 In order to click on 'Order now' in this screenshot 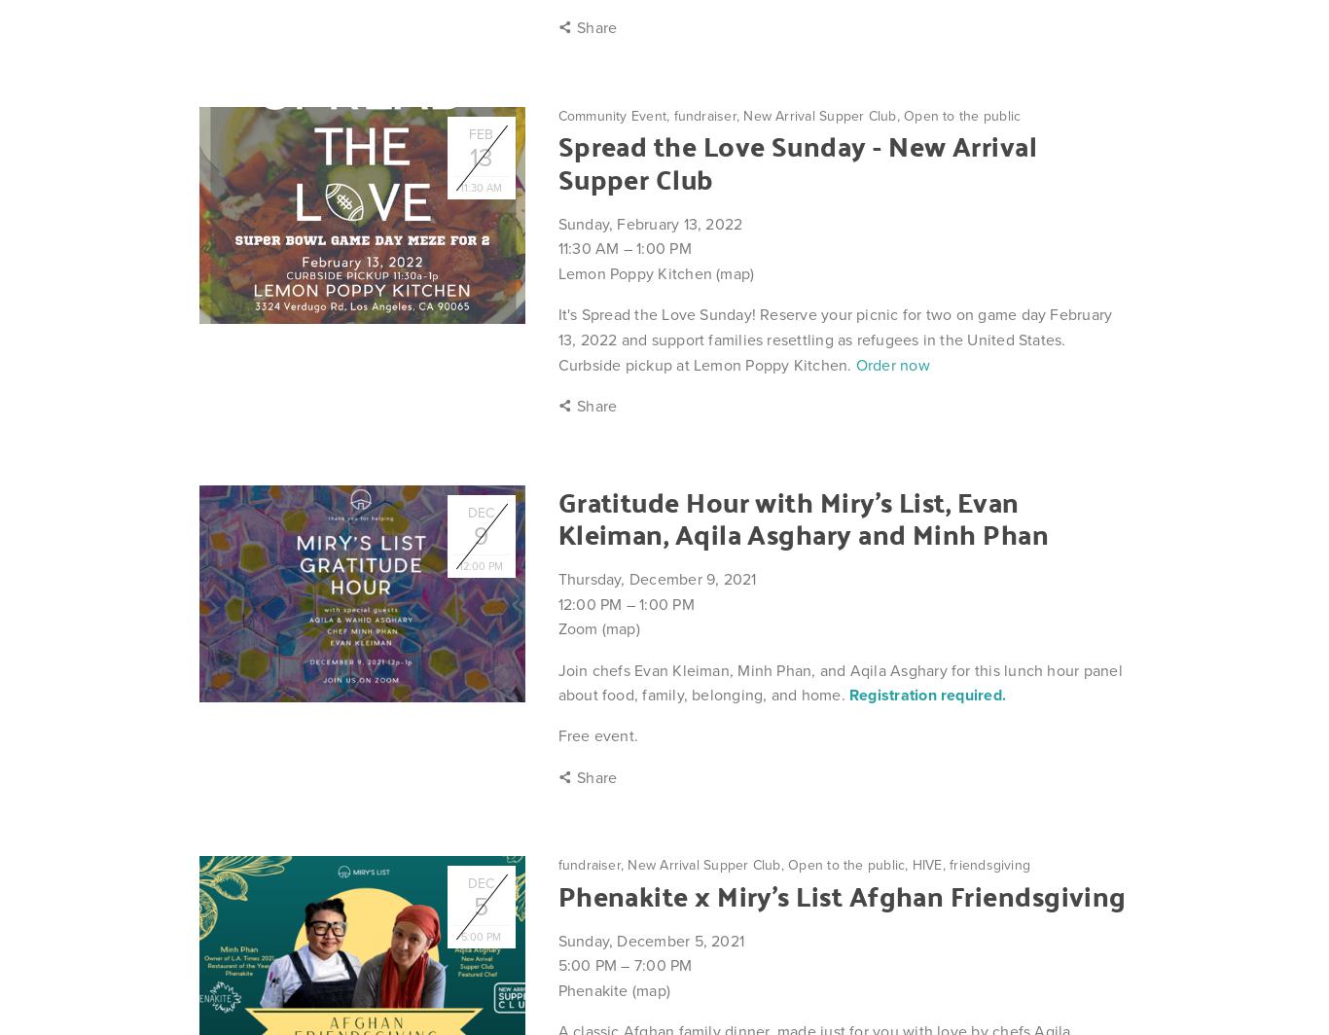, I will do `click(891, 364)`.